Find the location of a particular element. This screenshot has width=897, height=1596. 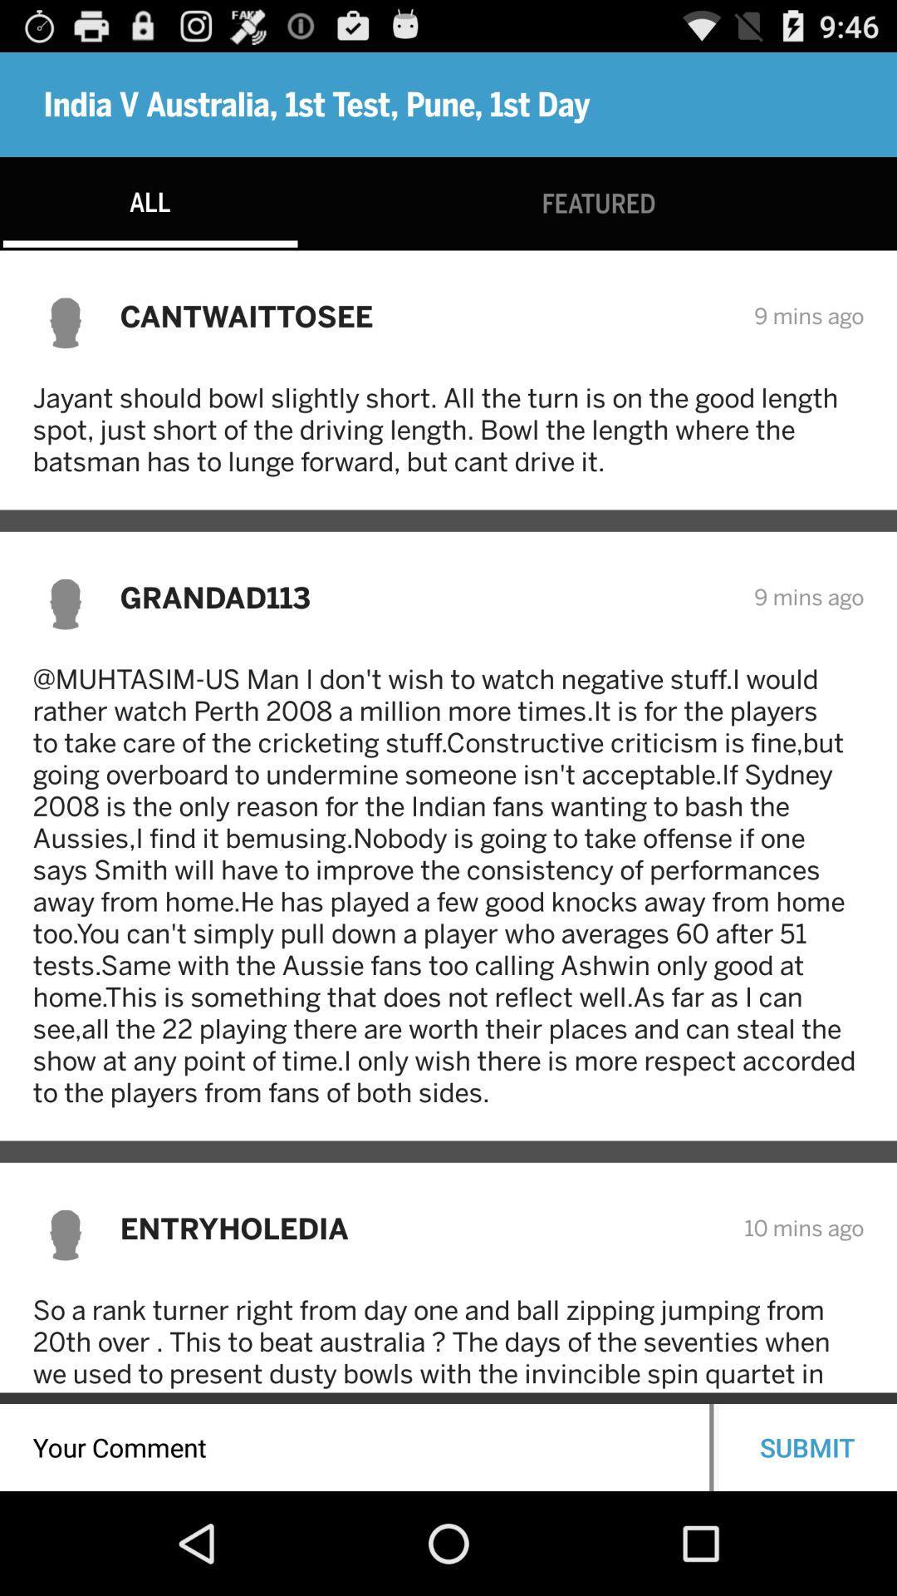

so a rank item is located at coordinates (448, 1343).